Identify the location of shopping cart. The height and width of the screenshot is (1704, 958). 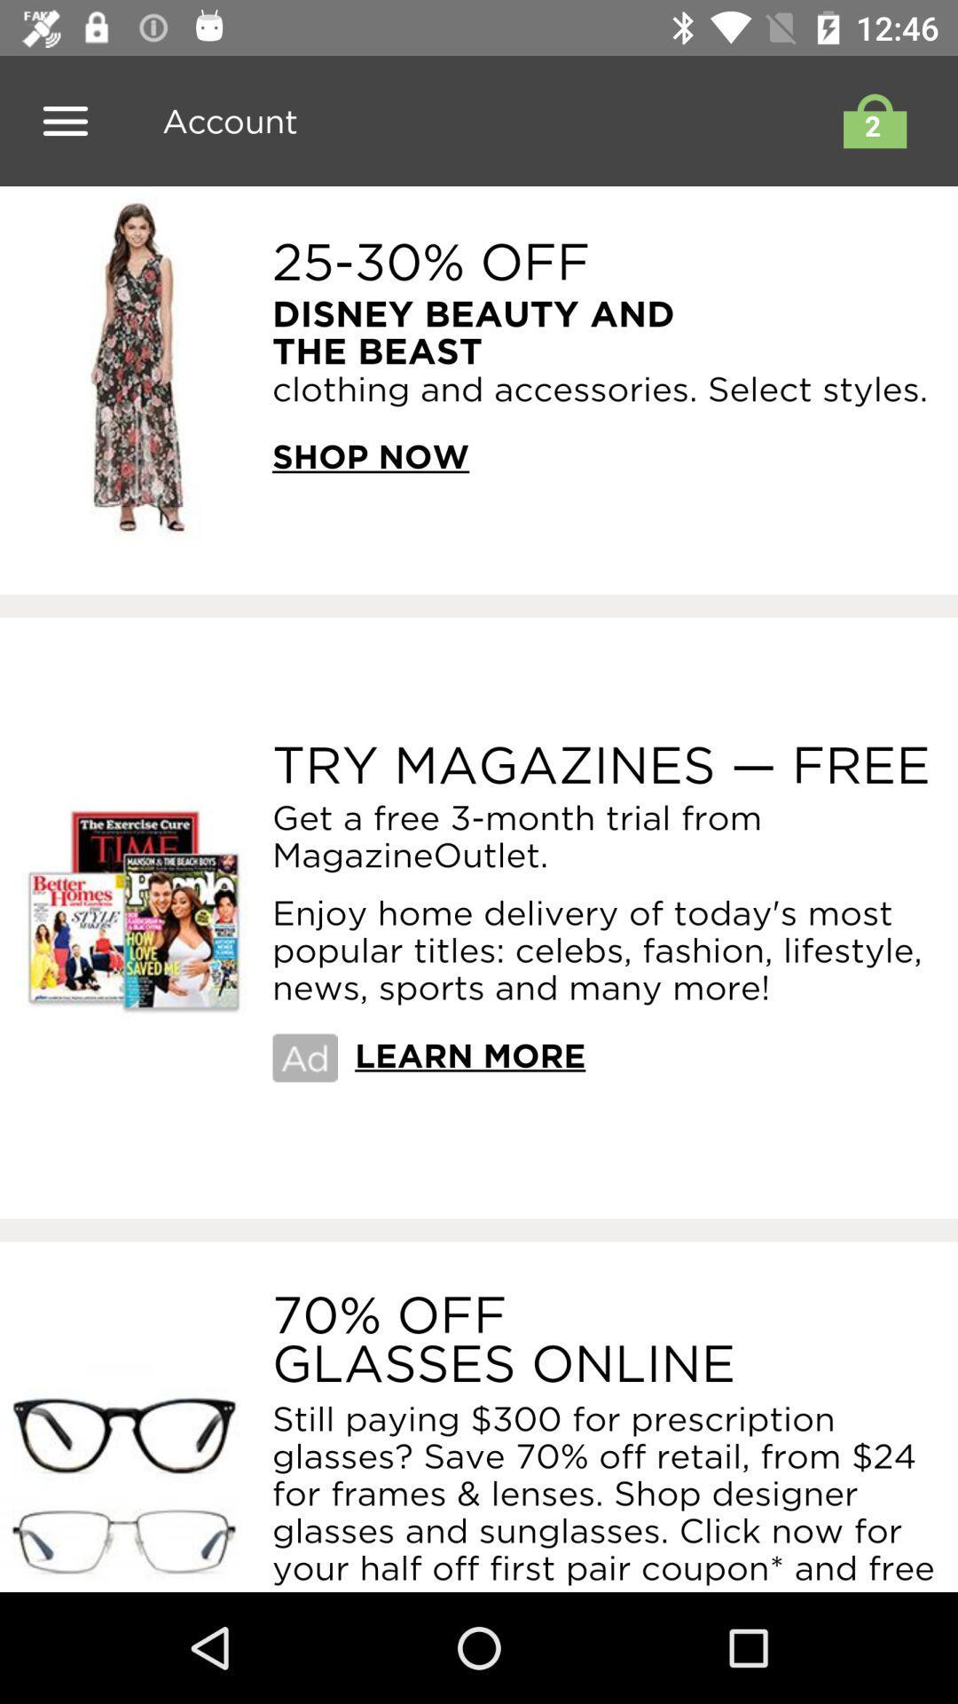
(869, 120).